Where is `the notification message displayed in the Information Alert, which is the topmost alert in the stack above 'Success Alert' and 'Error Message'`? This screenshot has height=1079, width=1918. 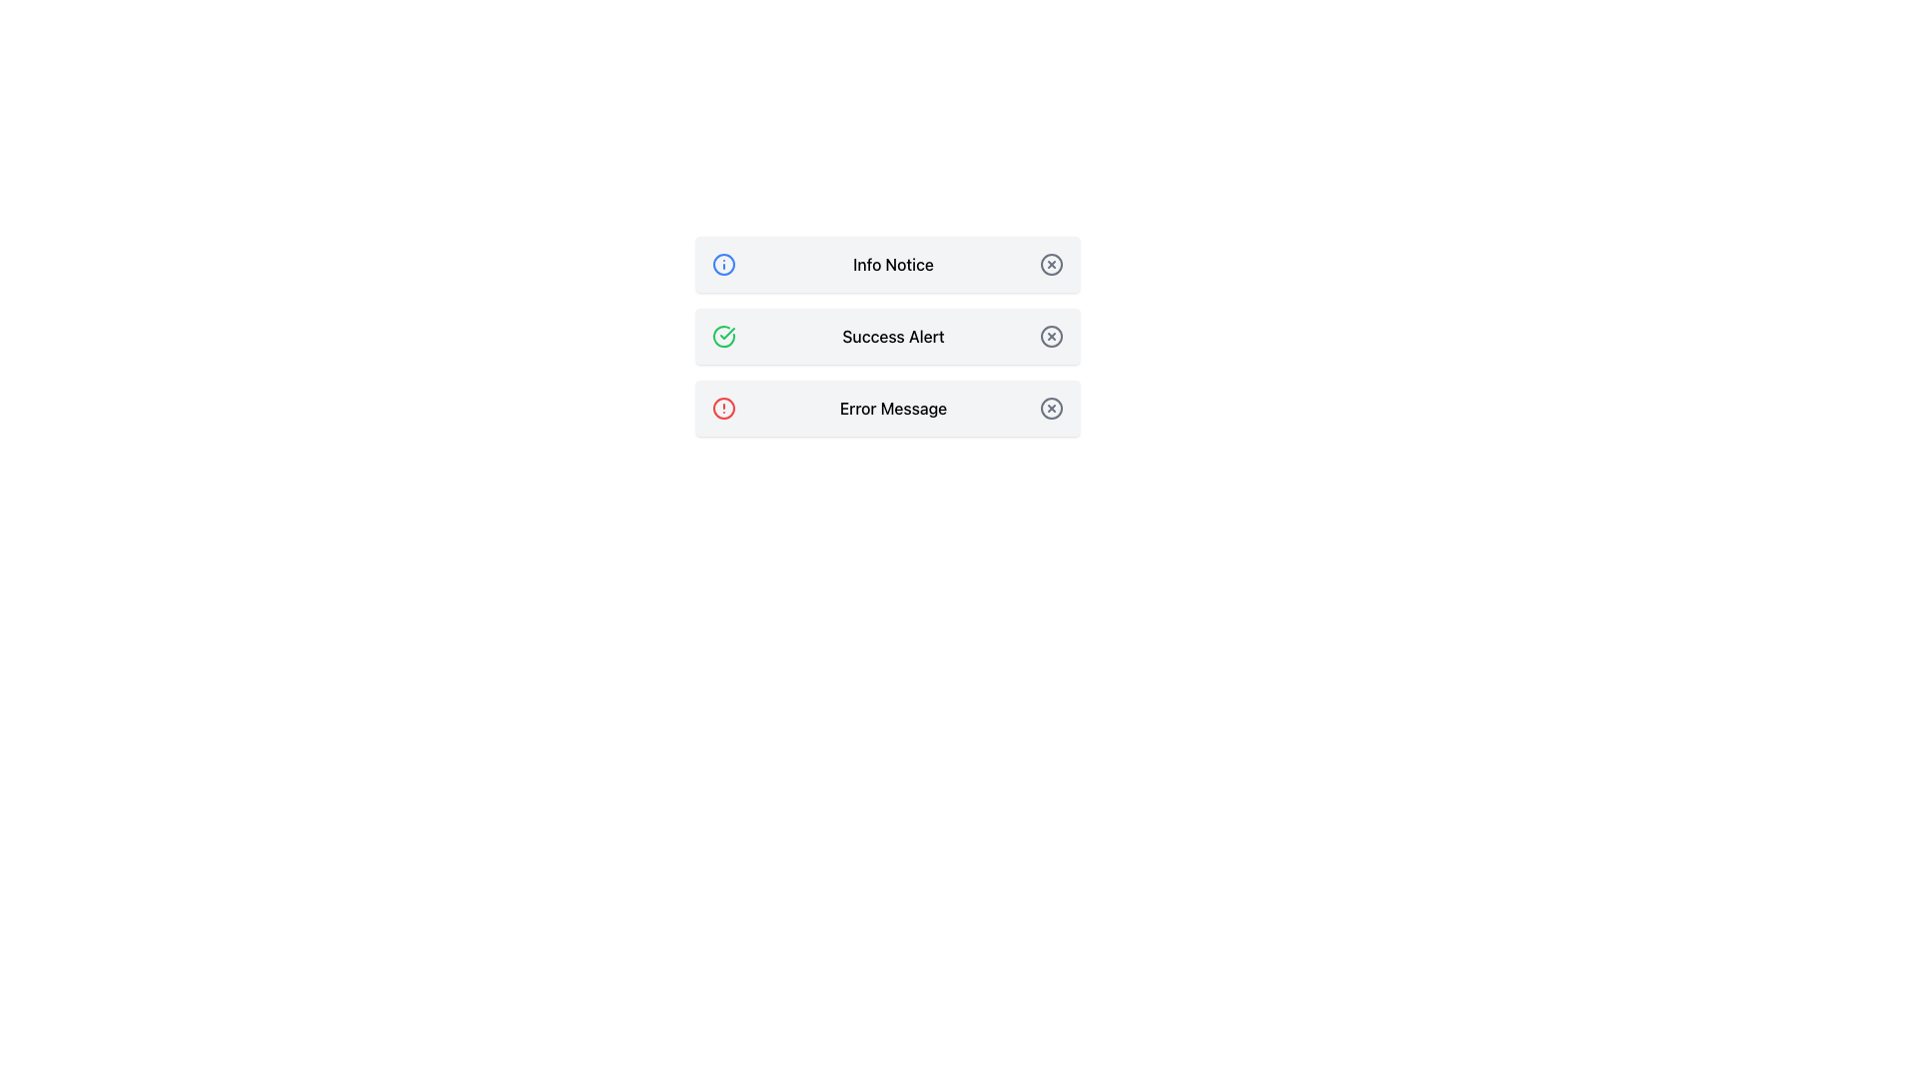 the notification message displayed in the Information Alert, which is the topmost alert in the stack above 'Success Alert' and 'Error Message' is located at coordinates (886, 264).